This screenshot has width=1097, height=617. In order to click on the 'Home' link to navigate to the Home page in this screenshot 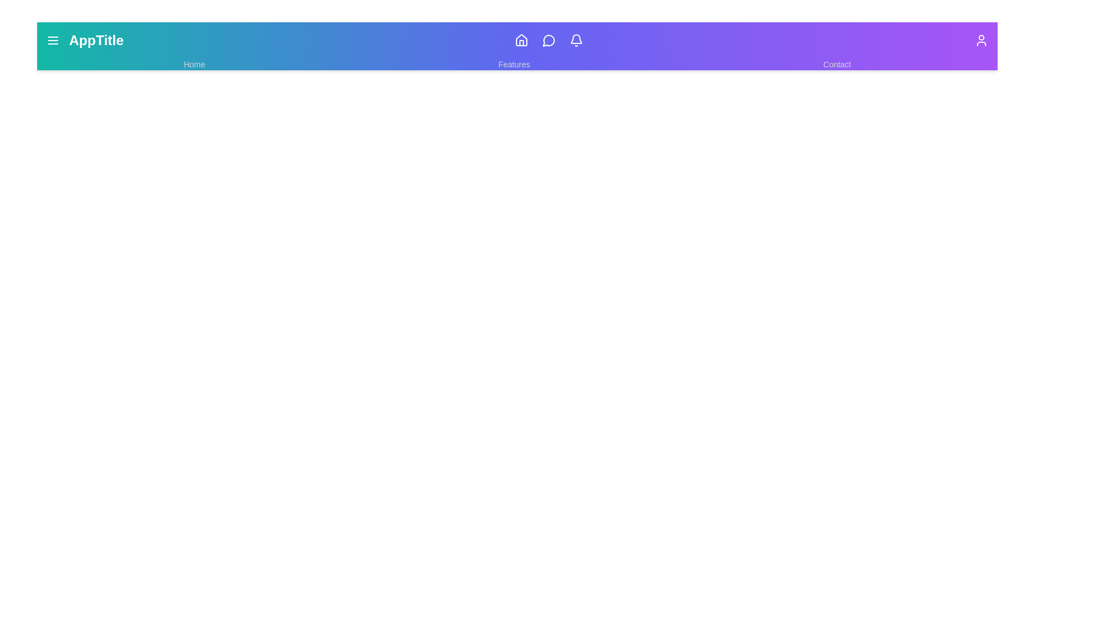, I will do `click(194, 64)`.